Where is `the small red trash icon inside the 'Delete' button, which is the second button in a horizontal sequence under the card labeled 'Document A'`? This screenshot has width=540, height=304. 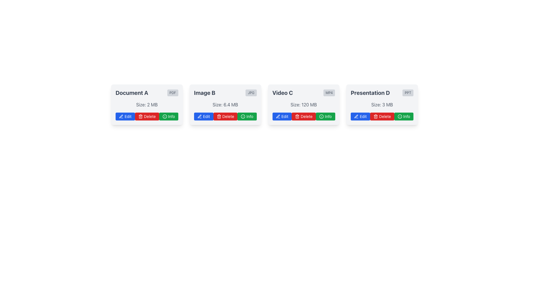
the small red trash icon inside the 'Delete' button, which is the second button in a horizontal sequence under the card labeled 'Document A' is located at coordinates (140, 116).